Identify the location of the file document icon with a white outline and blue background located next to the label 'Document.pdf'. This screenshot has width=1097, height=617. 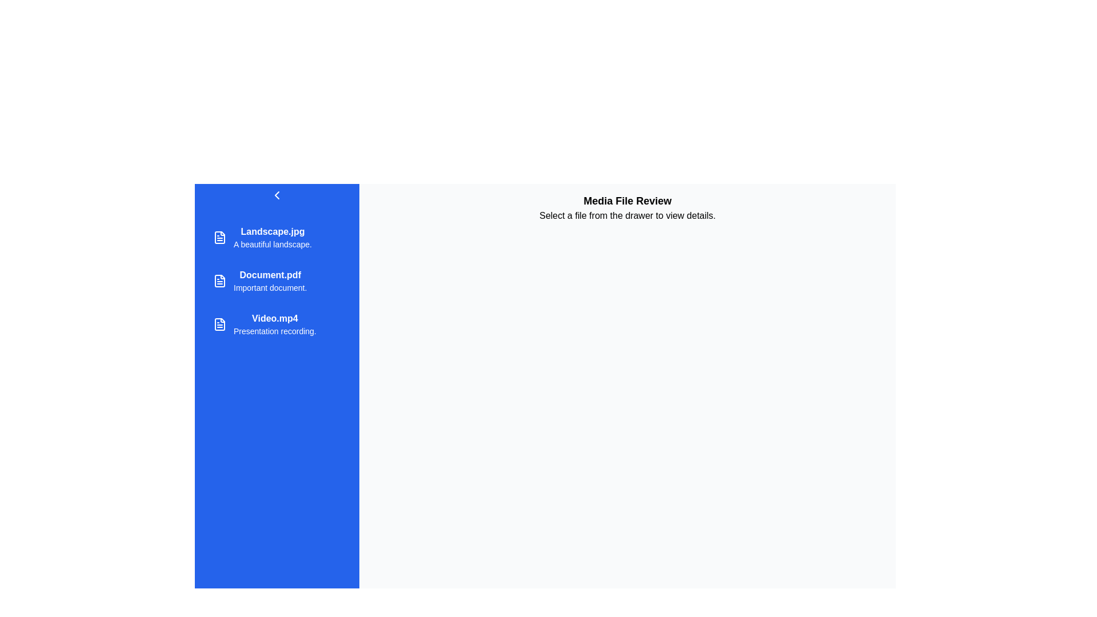
(219, 281).